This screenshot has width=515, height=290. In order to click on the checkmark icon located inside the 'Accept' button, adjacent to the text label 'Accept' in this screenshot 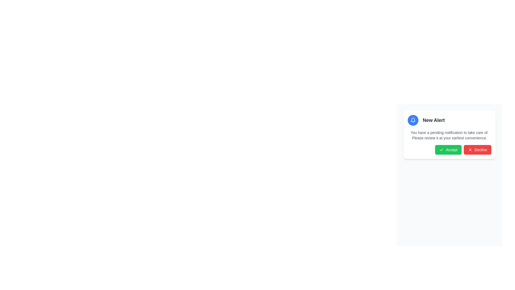, I will do `click(442, 150)`.